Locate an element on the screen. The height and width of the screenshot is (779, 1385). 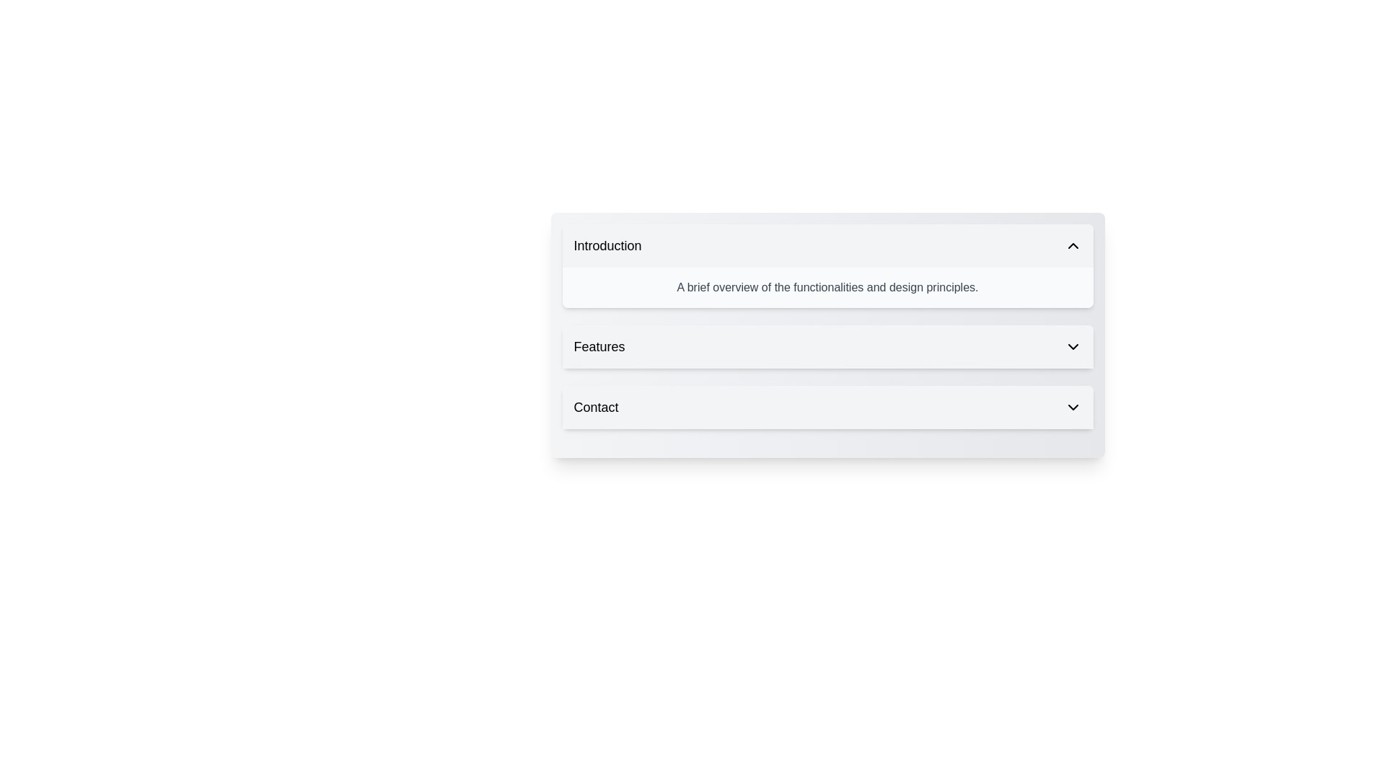
the downward chevron arrow icon located at the far-right end of the 'Contact' section header is located at coordinates (1073, 407).